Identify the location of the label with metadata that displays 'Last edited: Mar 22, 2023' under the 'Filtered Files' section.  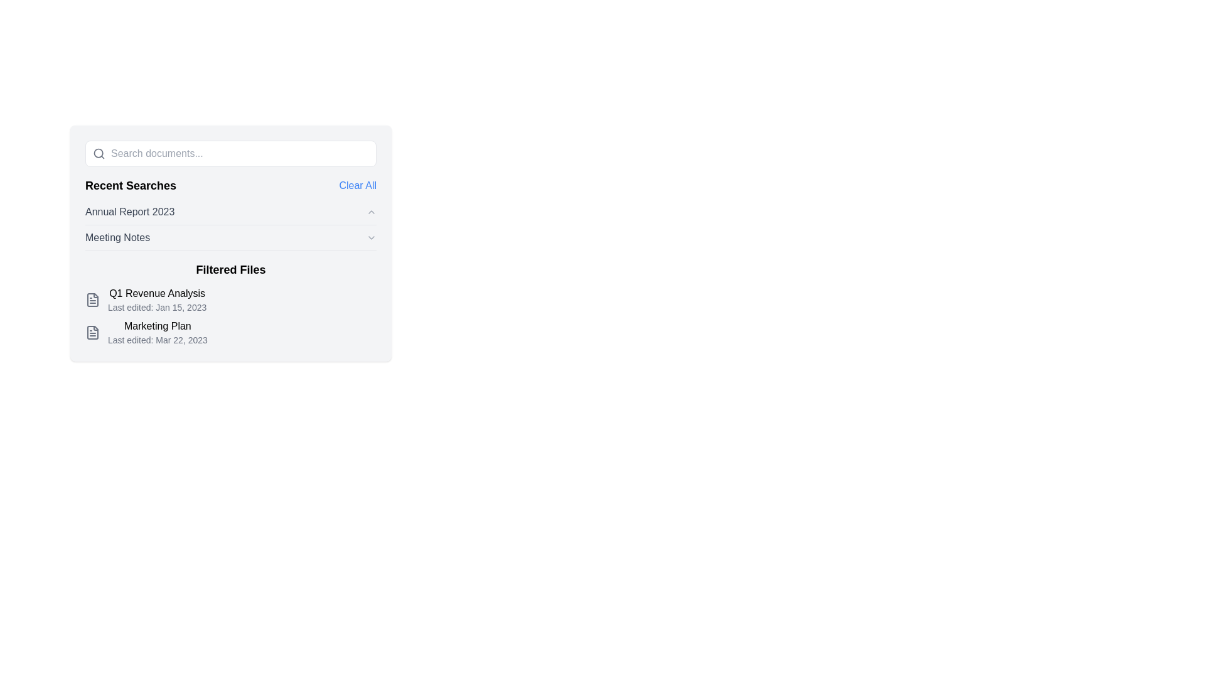
(157, 331).